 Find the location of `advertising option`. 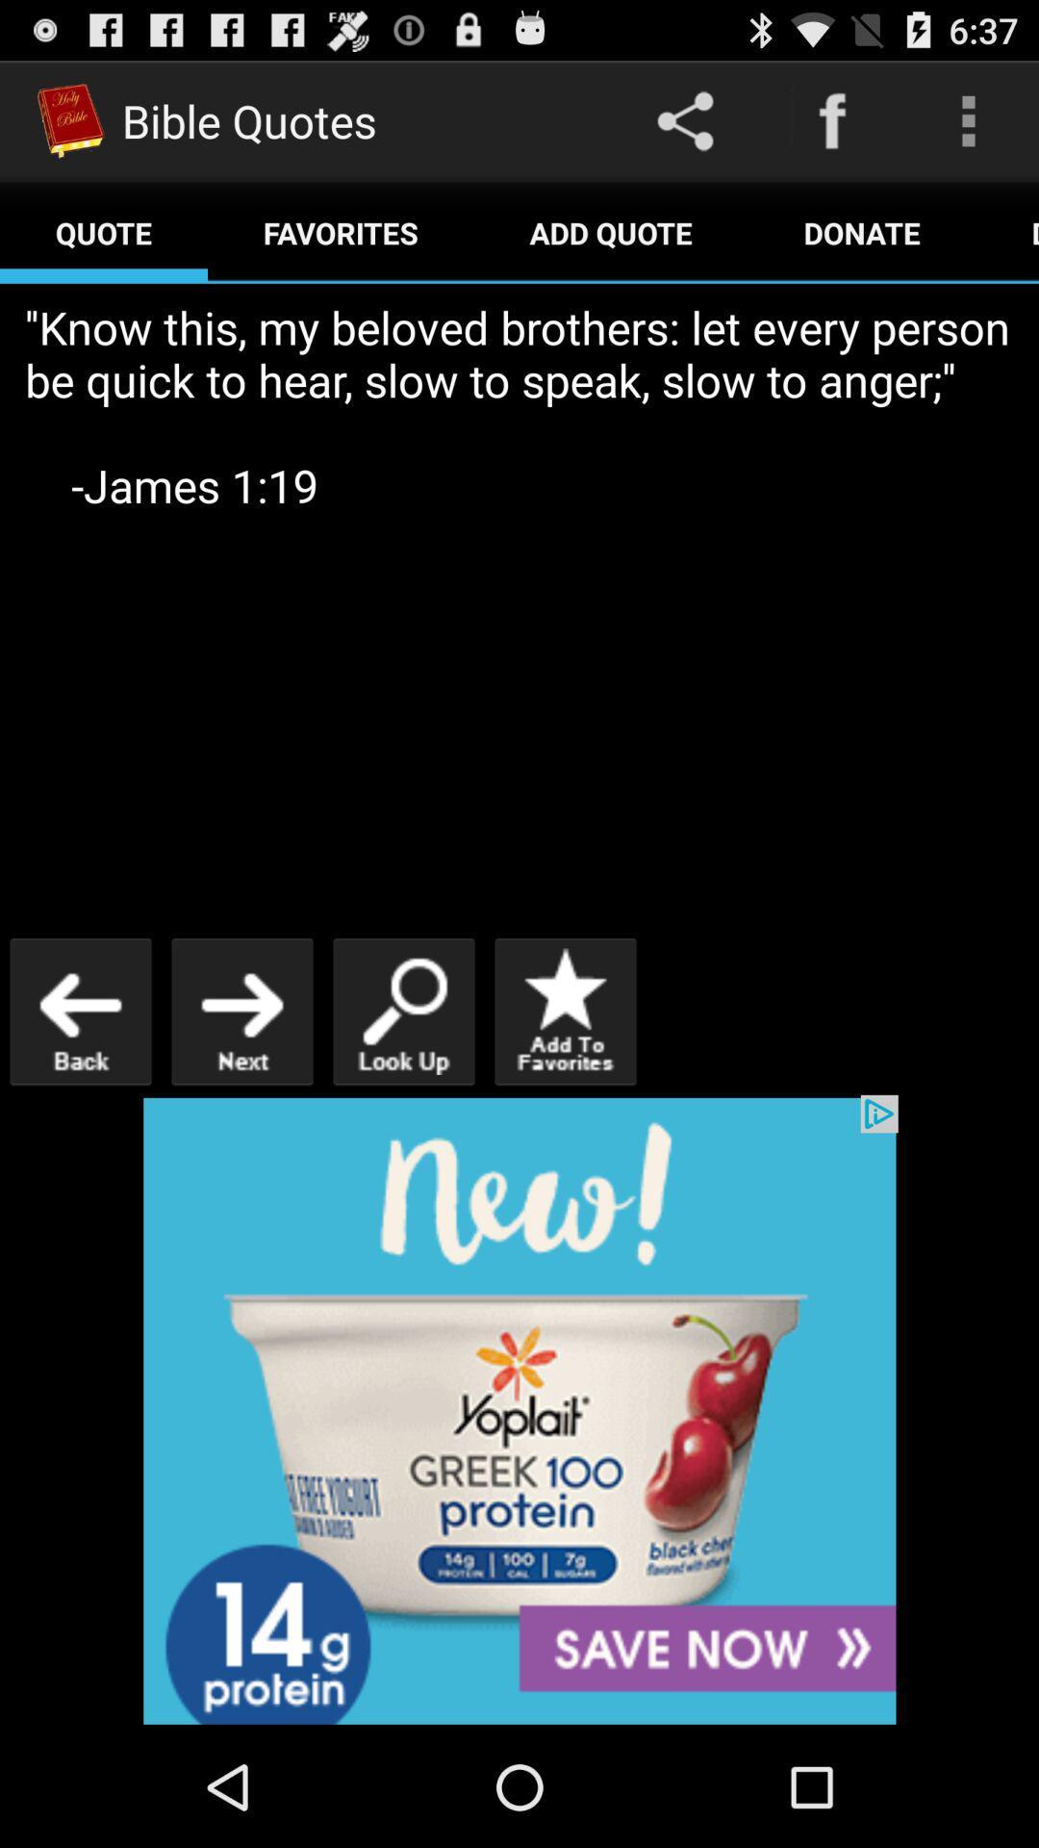

advertising option is located at coordinates (519, 1410).